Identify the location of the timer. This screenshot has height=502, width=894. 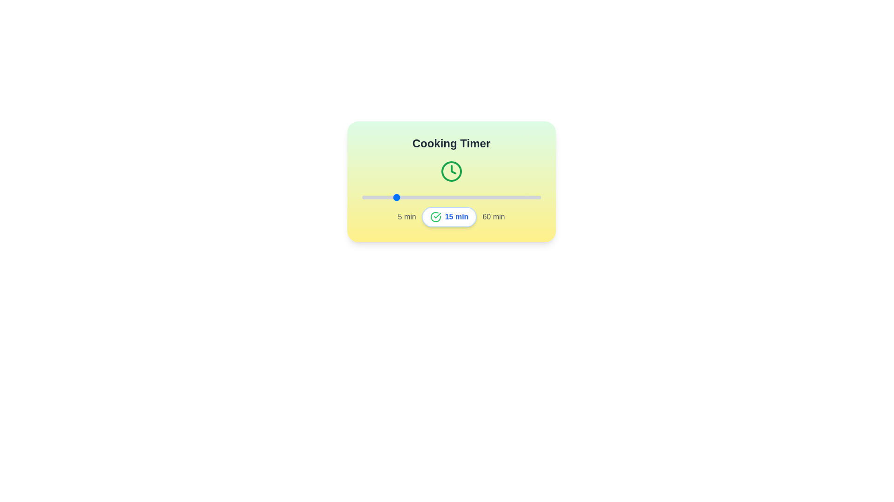
(514, 197).